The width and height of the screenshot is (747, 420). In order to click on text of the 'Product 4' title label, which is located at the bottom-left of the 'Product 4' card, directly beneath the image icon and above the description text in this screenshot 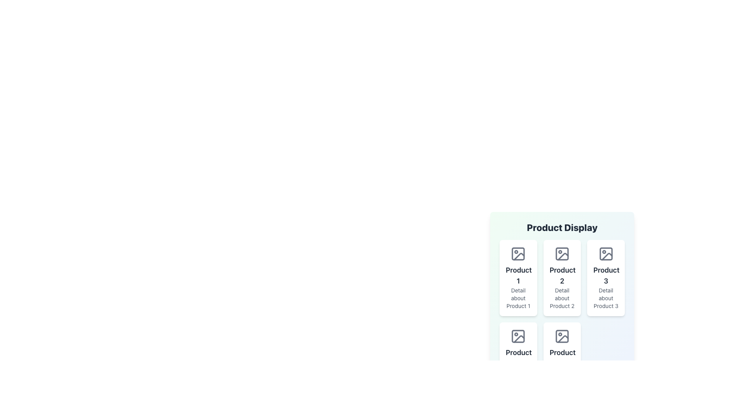, I will do `click(518, 358)`.